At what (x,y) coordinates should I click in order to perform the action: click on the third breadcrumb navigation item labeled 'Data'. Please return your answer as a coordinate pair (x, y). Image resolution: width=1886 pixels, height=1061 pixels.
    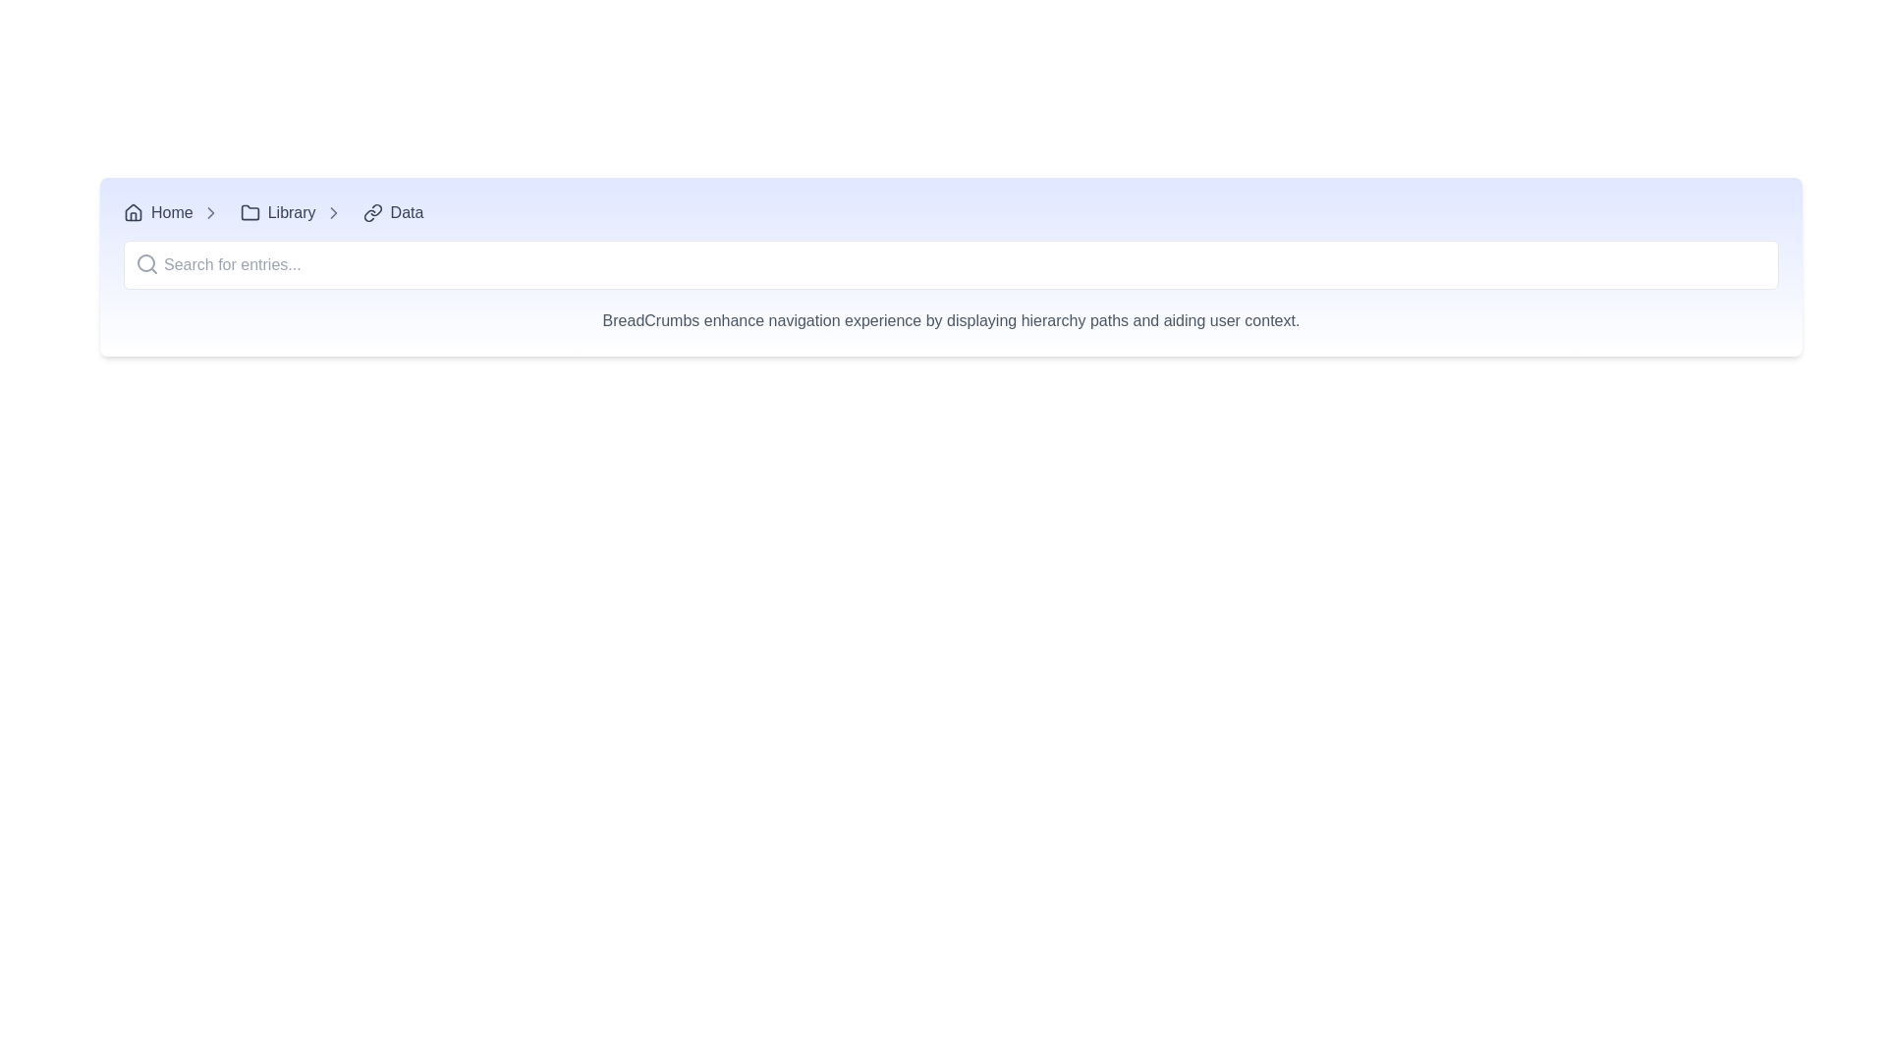
    Looking at the image, I should click on (393, 212).